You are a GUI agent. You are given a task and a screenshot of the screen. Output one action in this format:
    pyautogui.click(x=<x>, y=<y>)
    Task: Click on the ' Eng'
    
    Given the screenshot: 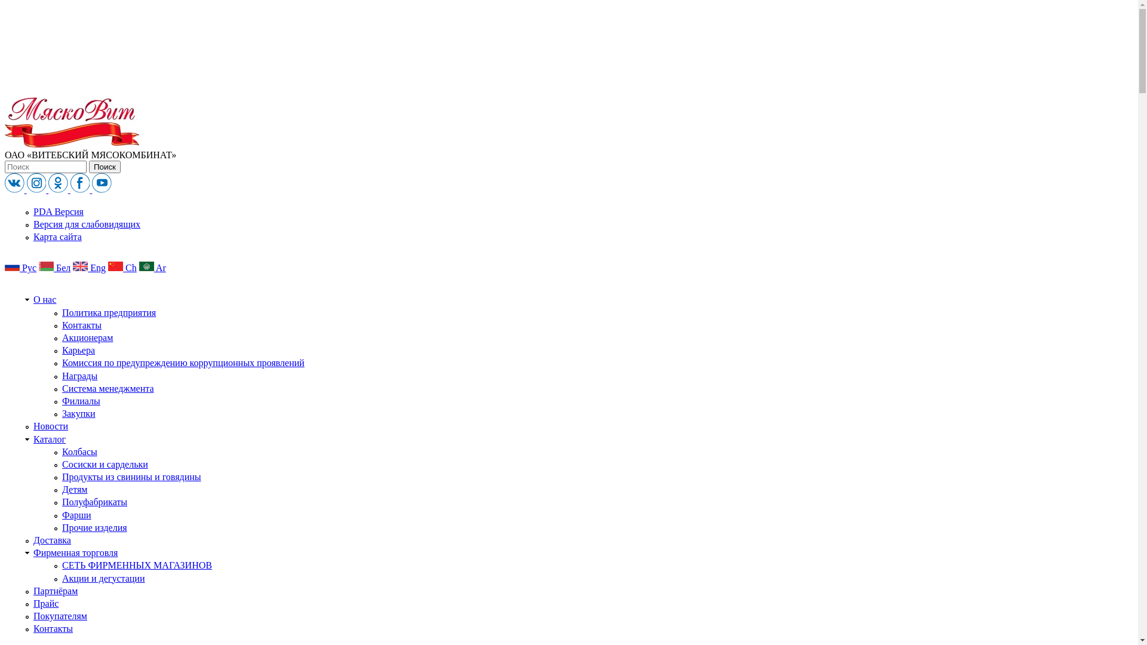 What is the action you would take?
    pyautogui.click(x=88, y=267)
    